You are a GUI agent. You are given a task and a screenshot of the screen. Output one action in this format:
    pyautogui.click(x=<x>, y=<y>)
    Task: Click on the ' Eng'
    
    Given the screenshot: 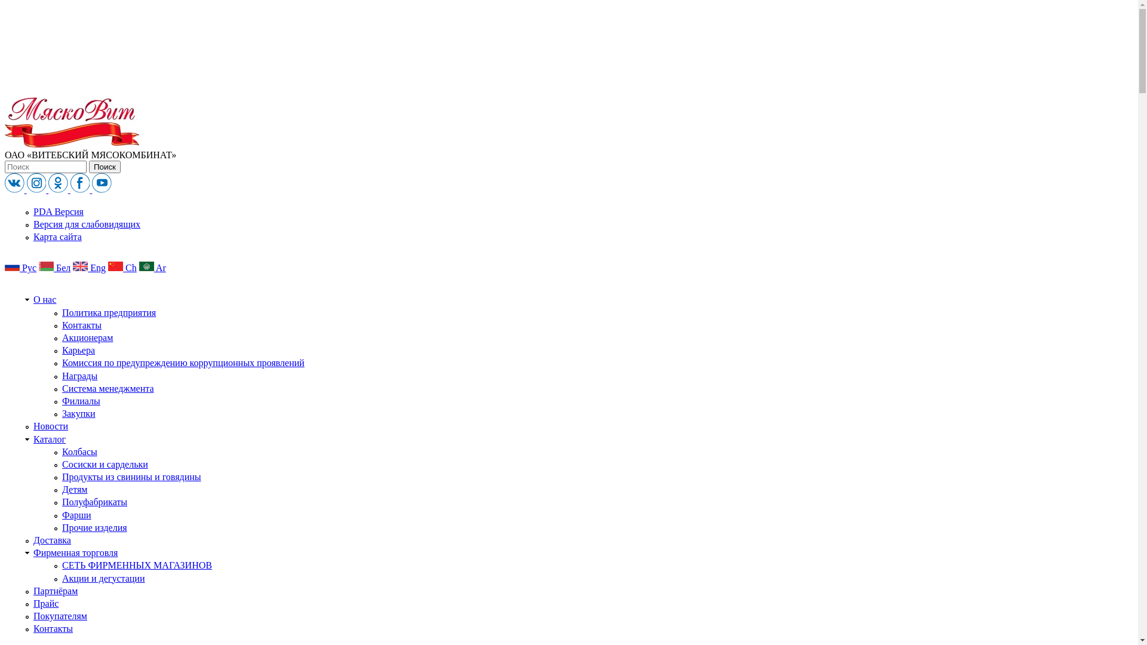 What is the action you would take?
    pyautogui.click(x=88, y=267)
    